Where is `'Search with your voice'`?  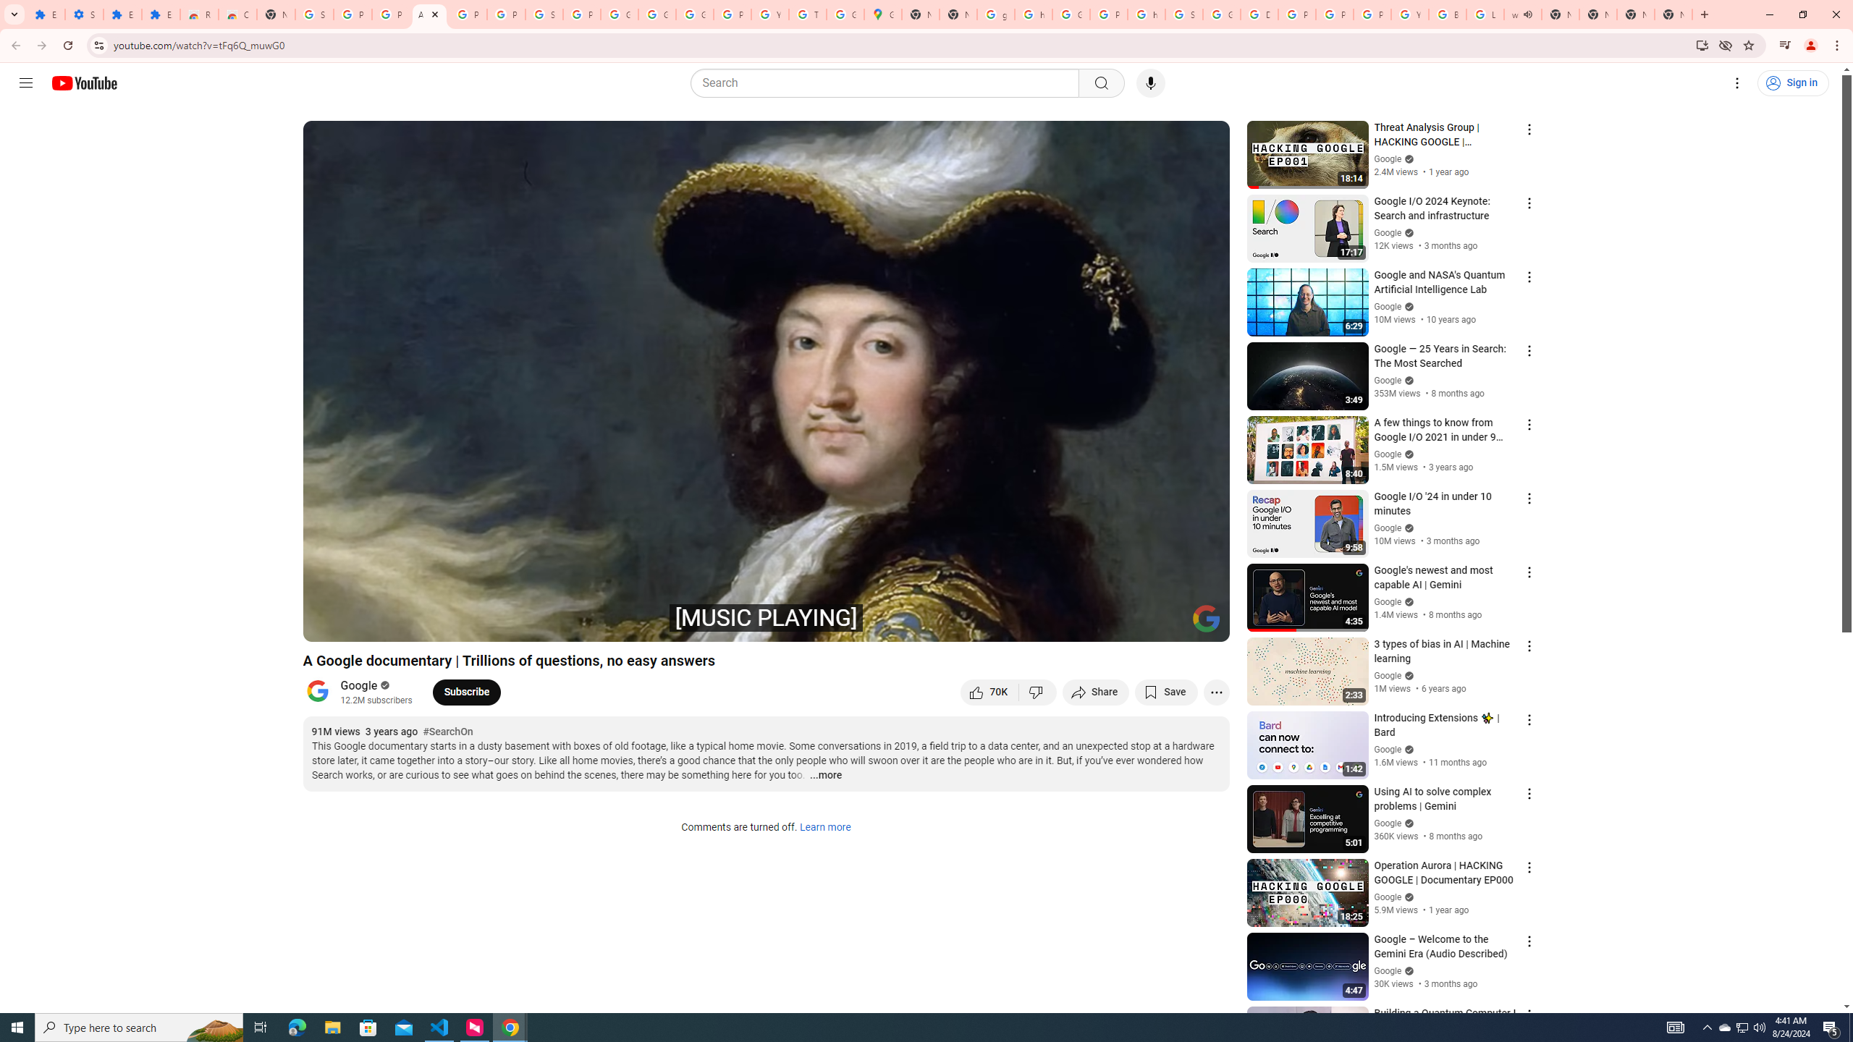 'Search with your voice' is located at coordinates (1150, 82).